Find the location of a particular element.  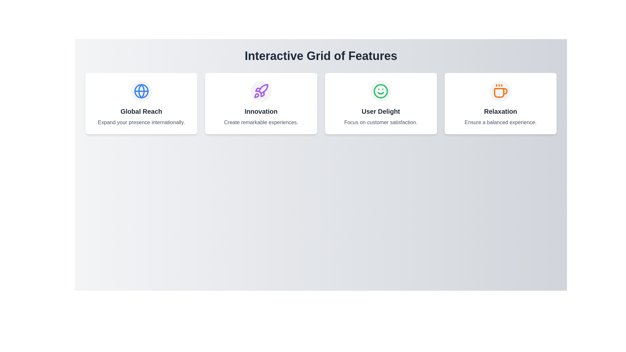

the title text label of the second card in a horizontally aligned group of four cards, which is positioned below a circular icon and above a short description text is located at coordinates (261, 111).